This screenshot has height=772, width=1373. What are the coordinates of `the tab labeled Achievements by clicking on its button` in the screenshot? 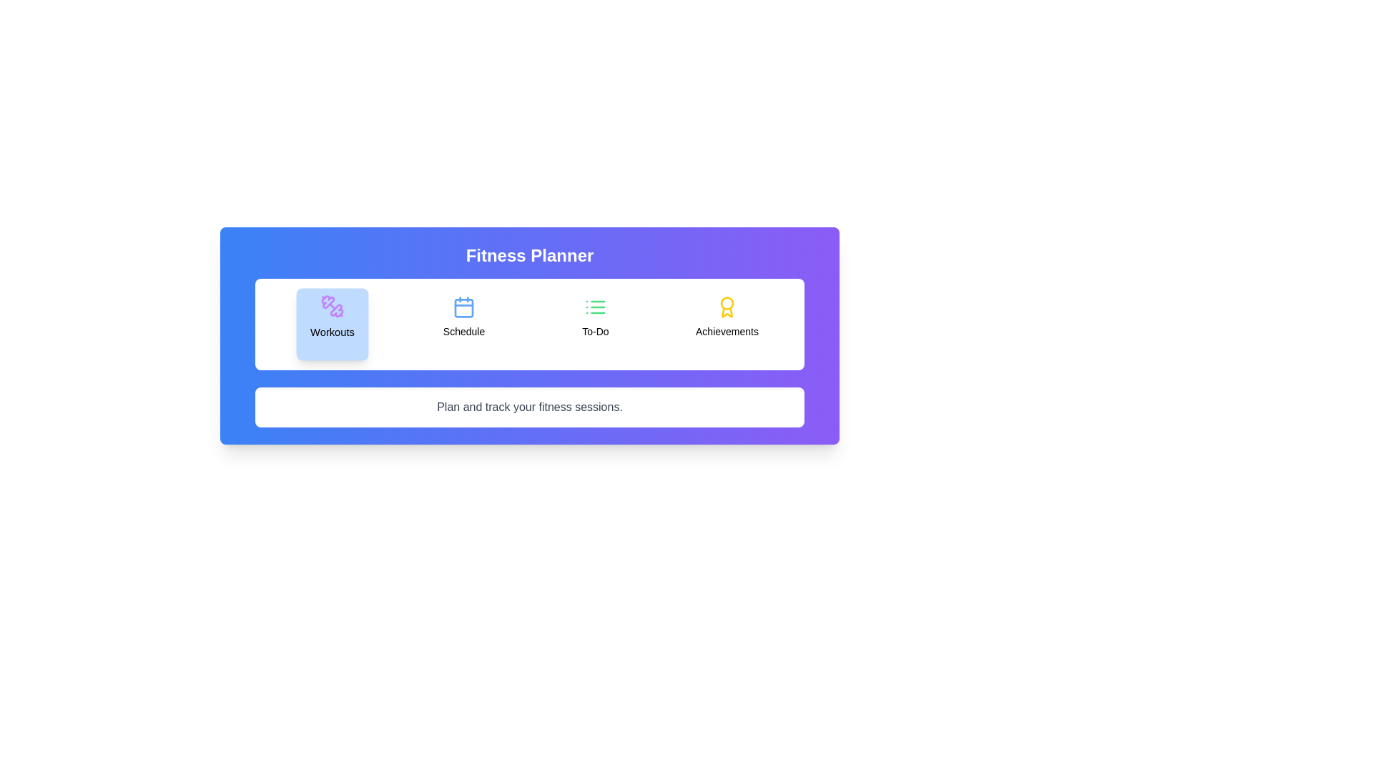 It's located at (727, 325).